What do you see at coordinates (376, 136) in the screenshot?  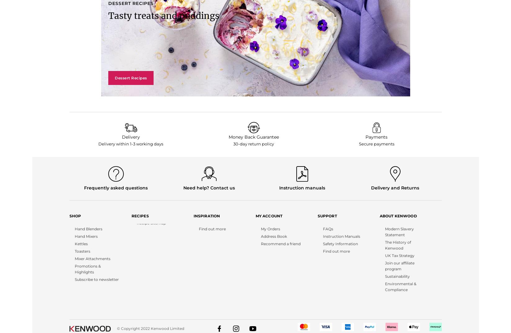 I see `'Payments'` at bounding box center [376, 136].